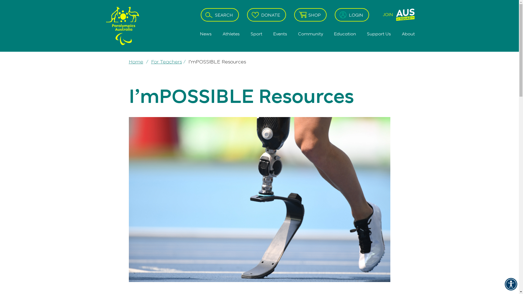 The image size is (523, 294). What do you see at coordinates (396, 14) in the screenshot?
I see `'JOIN'` at bounding box center [396, 14].